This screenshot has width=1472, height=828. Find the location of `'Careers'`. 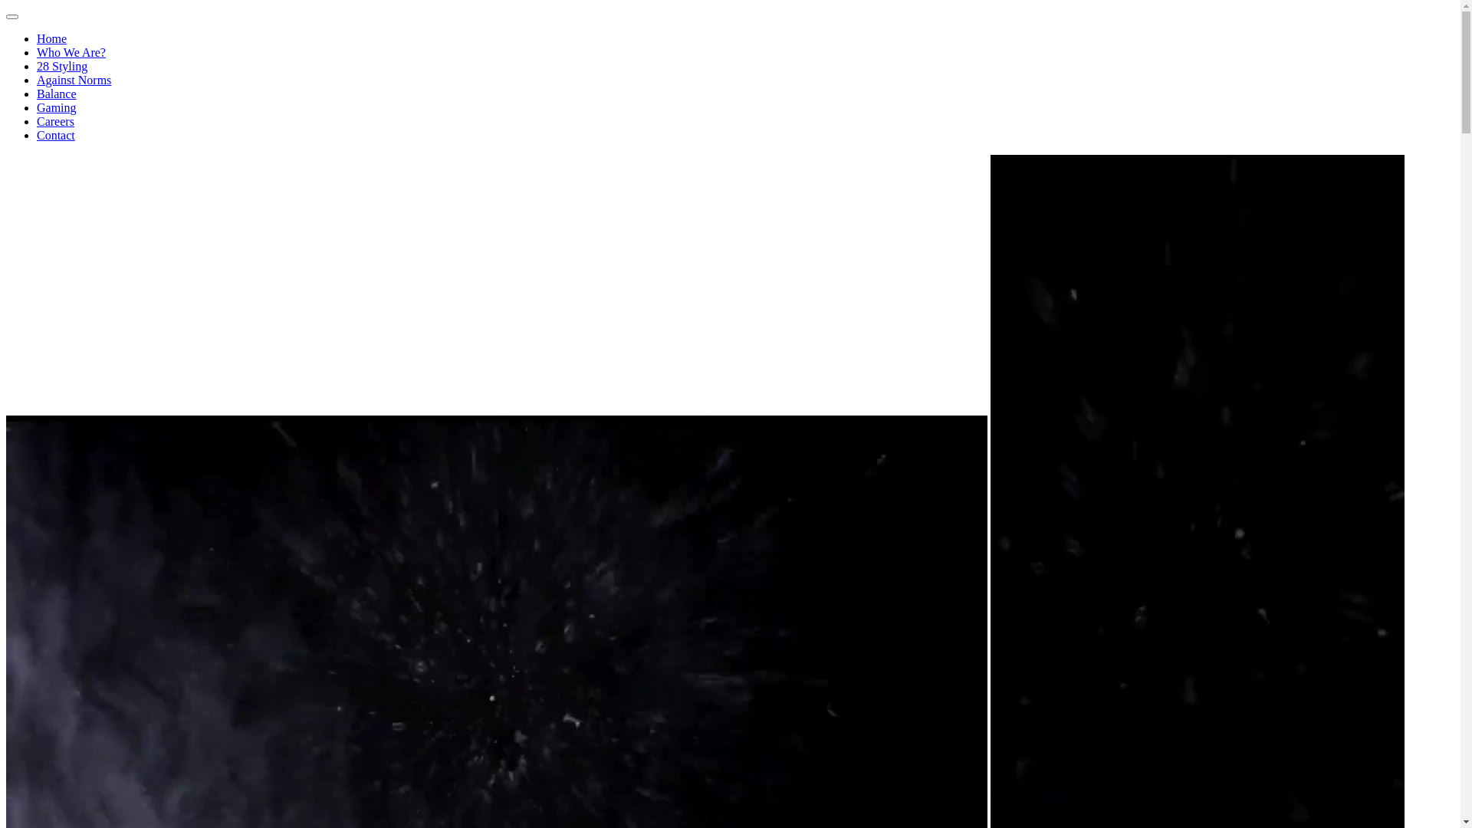

'Careers' is located at coordinates (55, 120).